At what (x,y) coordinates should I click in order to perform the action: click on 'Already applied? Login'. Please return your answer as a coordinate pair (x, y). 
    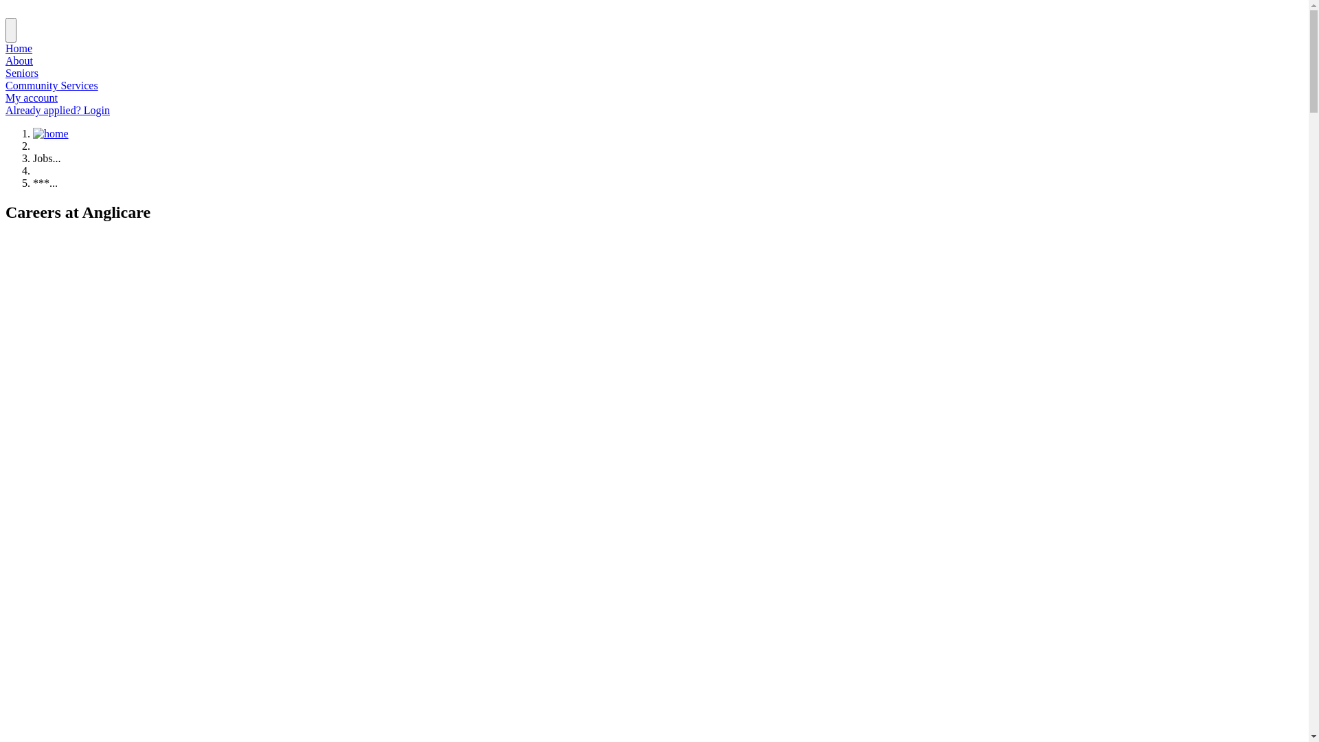
    Looking at the image, I should click on (56, 109).